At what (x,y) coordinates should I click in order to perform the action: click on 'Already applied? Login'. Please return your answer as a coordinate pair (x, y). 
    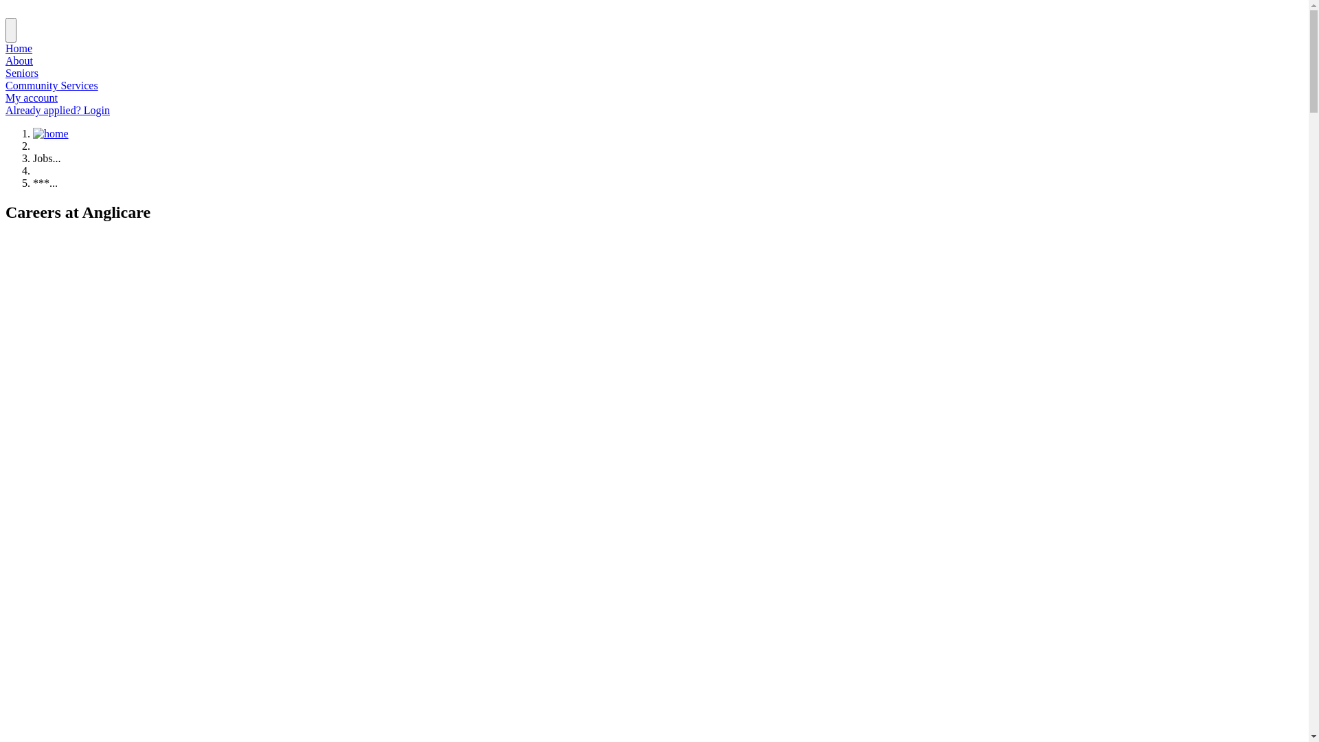
    Looking at the image, I should click on (56, 109).